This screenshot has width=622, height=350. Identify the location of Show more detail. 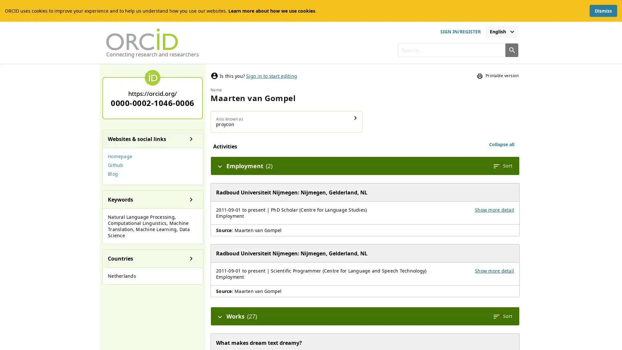
(494, 210).